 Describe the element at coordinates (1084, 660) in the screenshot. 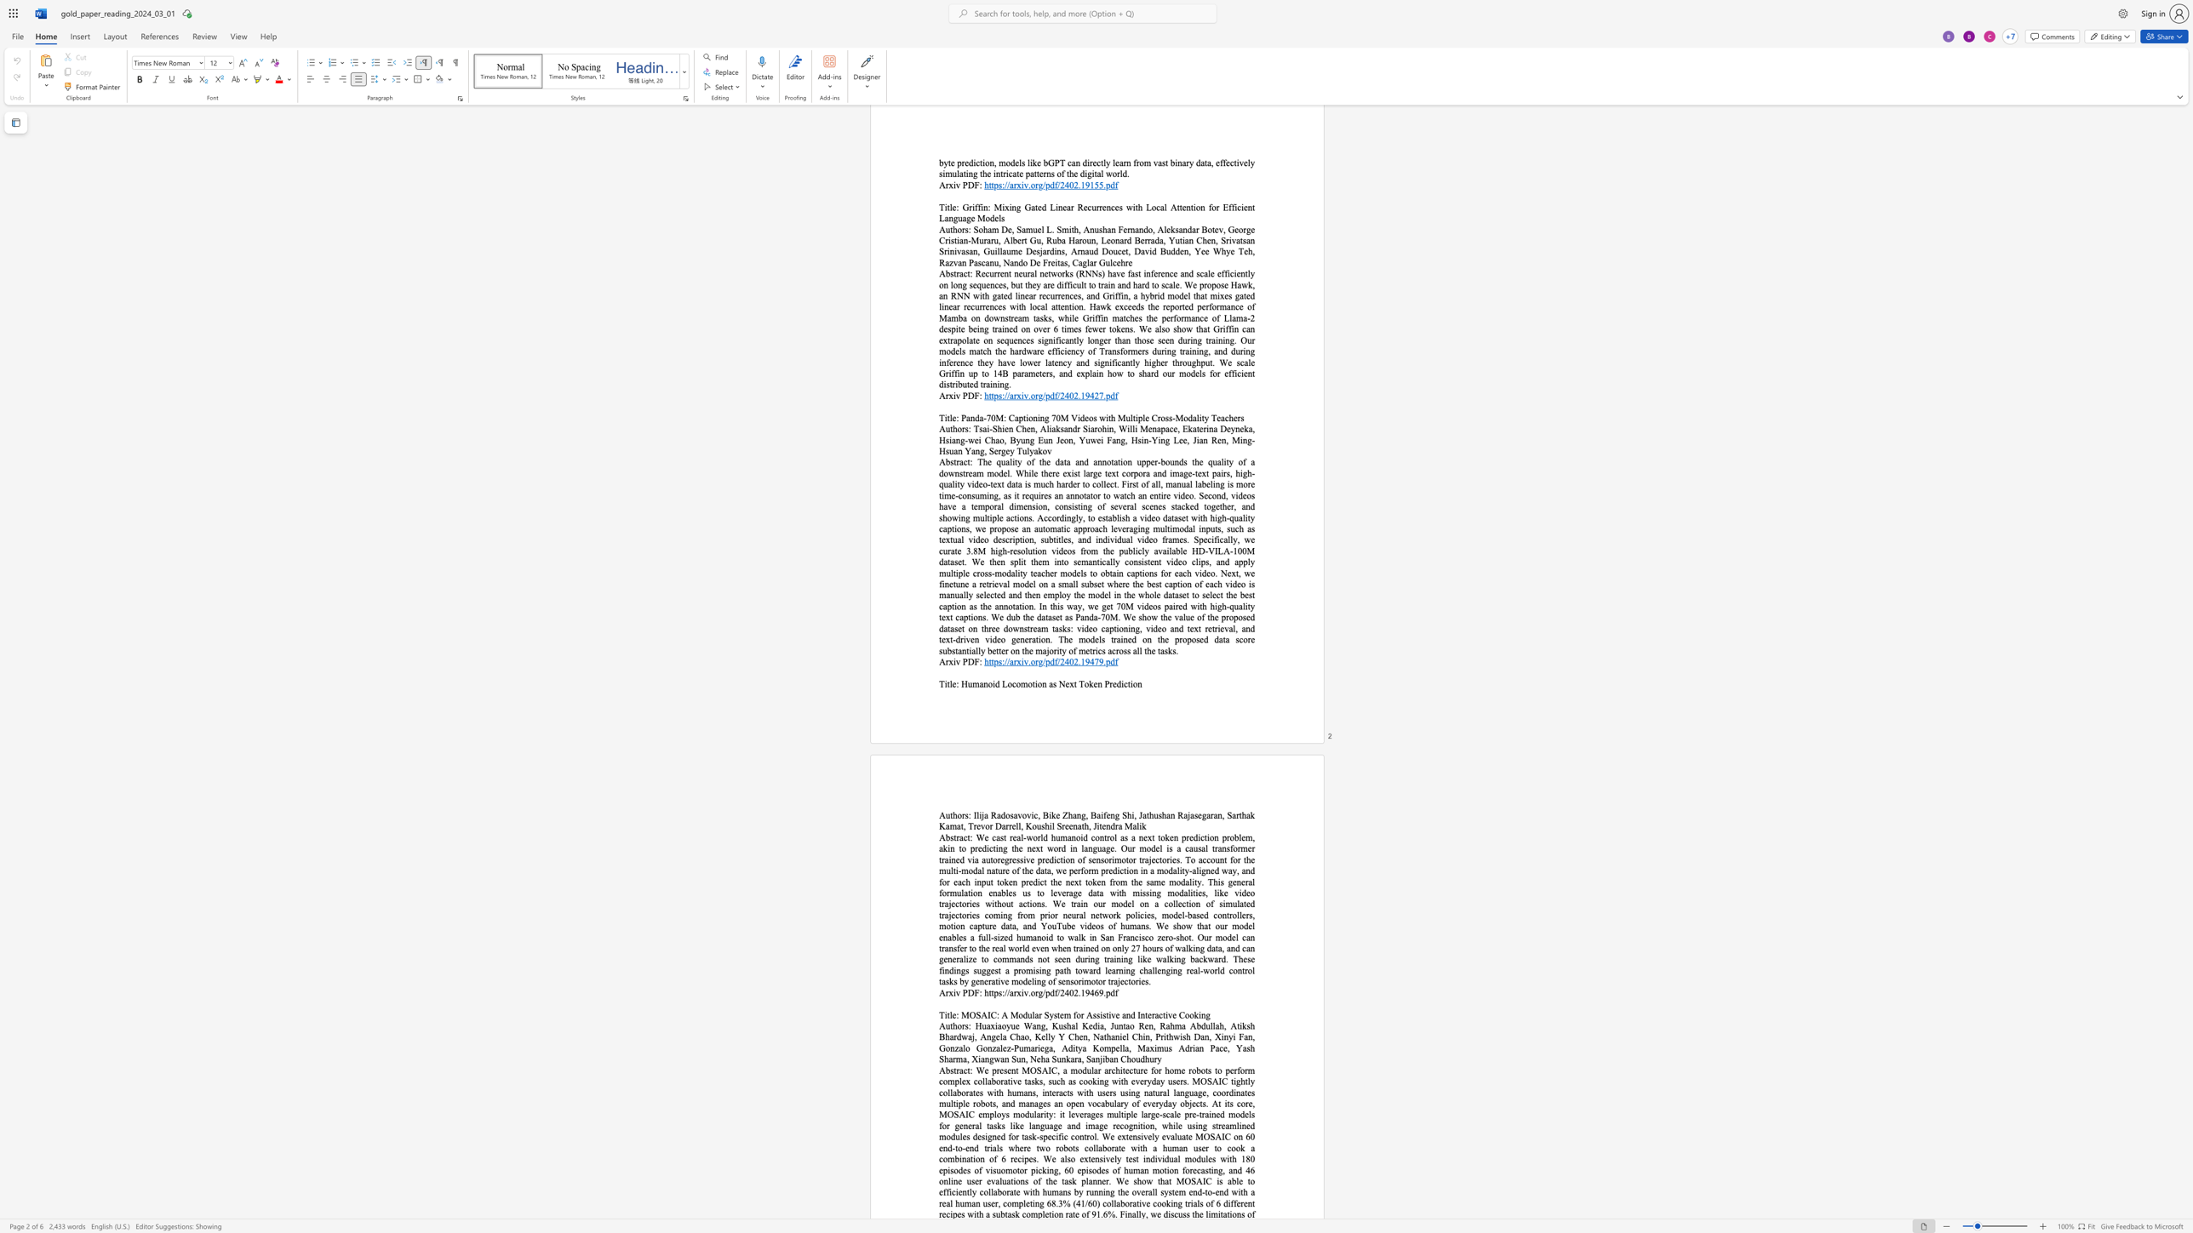

I see `the space between the continuous character "1" and "9" in the text` at that location.